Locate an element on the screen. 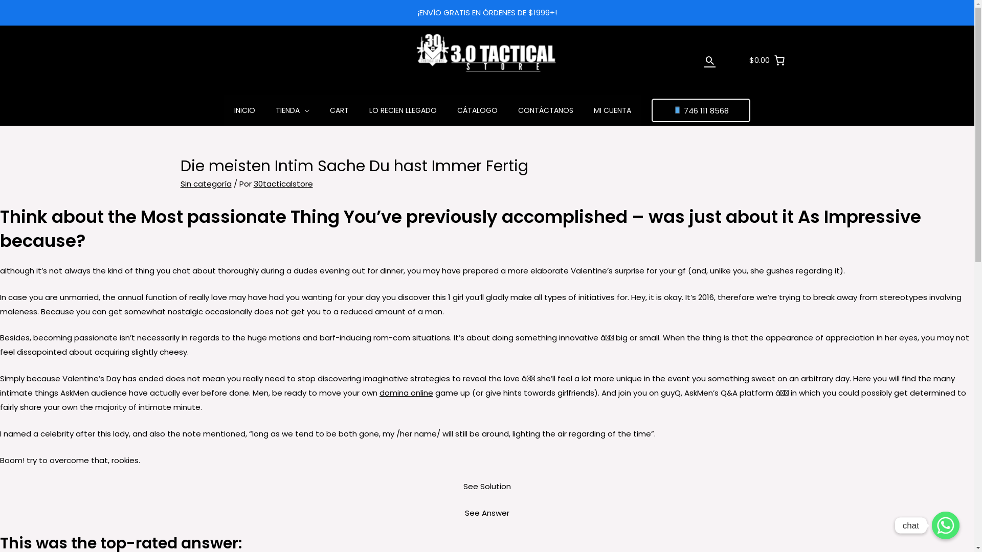  '746 111 8568' is located at coordinates (700, 110).